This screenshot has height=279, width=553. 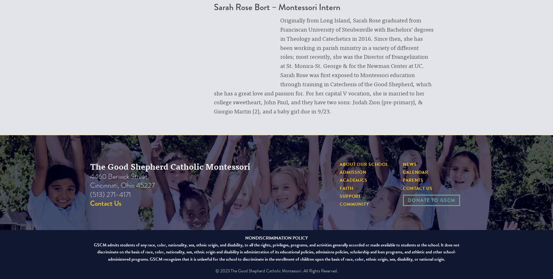 What do you see at coordinates (340, 188) in the screenshot?
I see `'Faith'` at bounding box center [340, 188].